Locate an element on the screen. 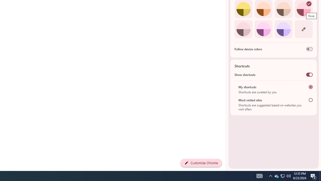 The image size is (321, 181). 'Apricot' is located at coordinates (283, 9).